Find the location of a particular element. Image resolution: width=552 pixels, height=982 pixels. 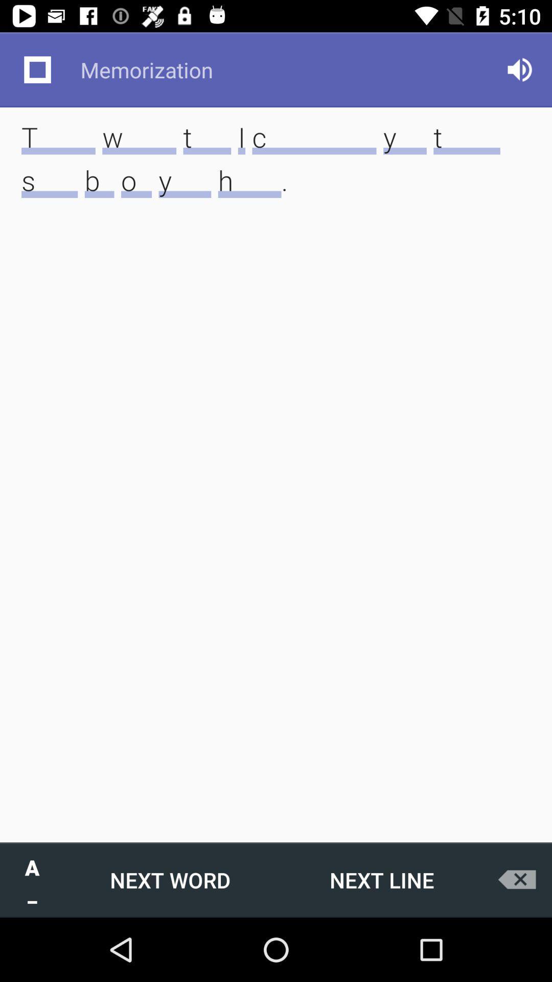

the these words that icon is located at coordinates (276, 174).